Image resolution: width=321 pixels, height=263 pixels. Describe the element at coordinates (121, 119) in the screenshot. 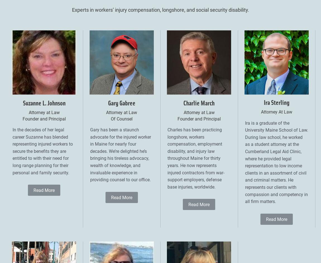

I see `'Of Counsel'` at that location.